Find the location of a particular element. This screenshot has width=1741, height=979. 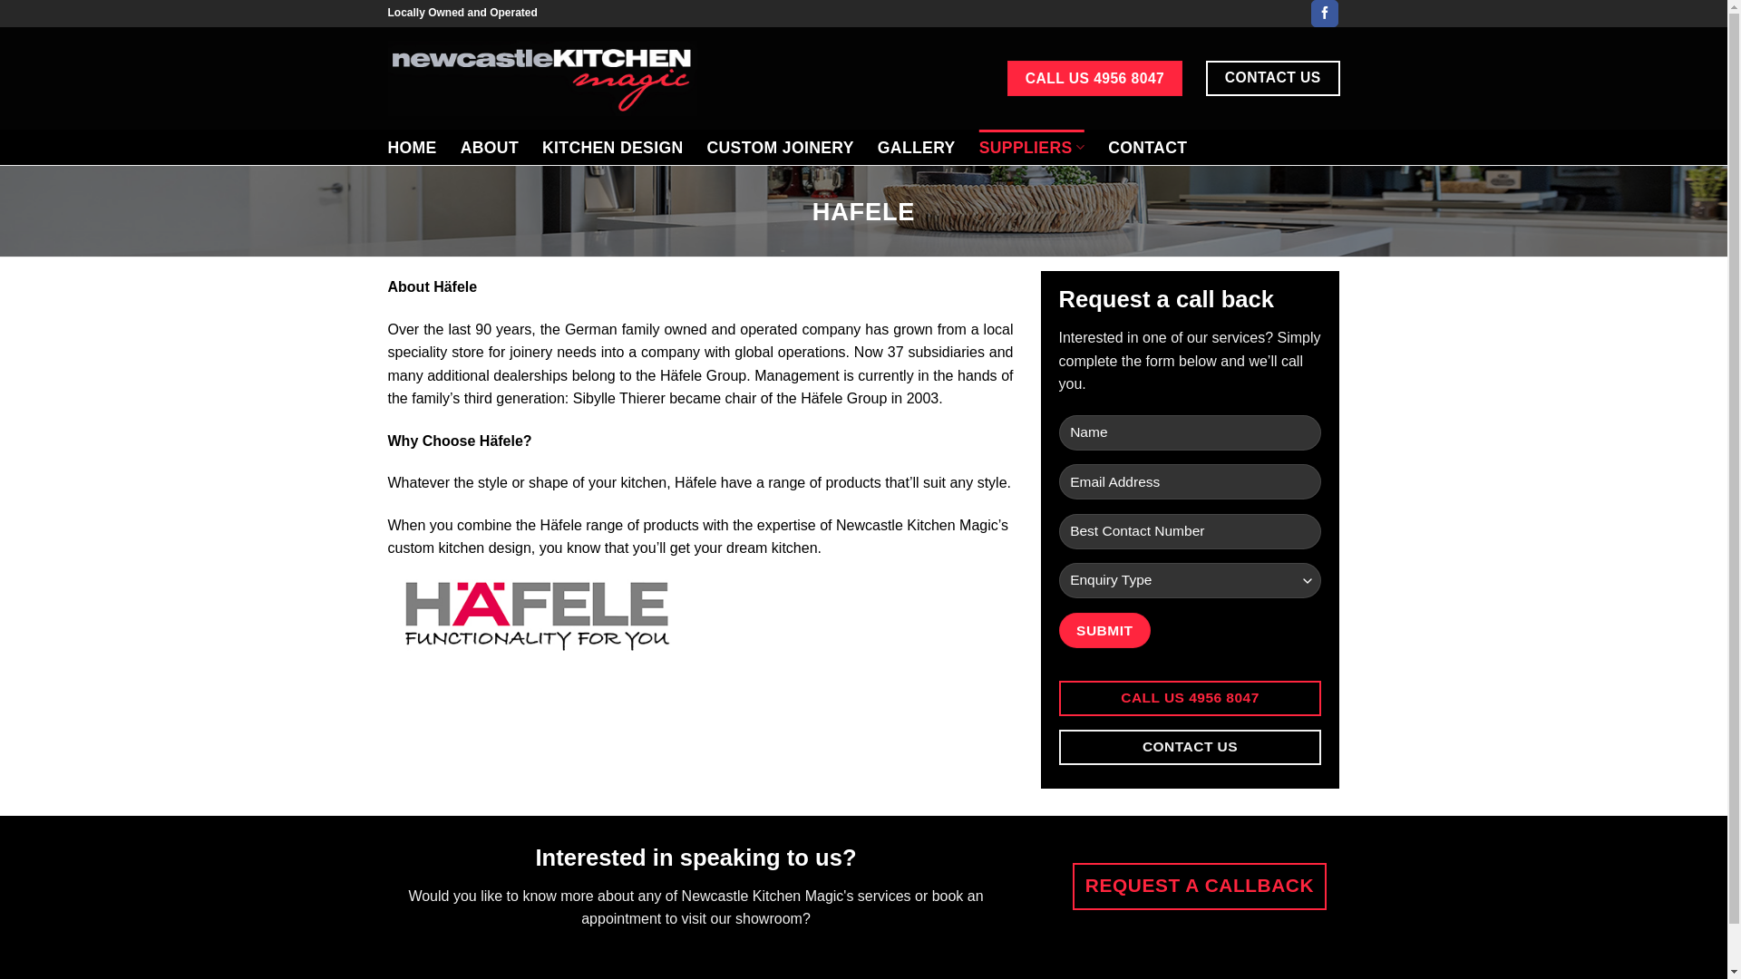

'CONTACT US' is located at coordinates (1191, 747).